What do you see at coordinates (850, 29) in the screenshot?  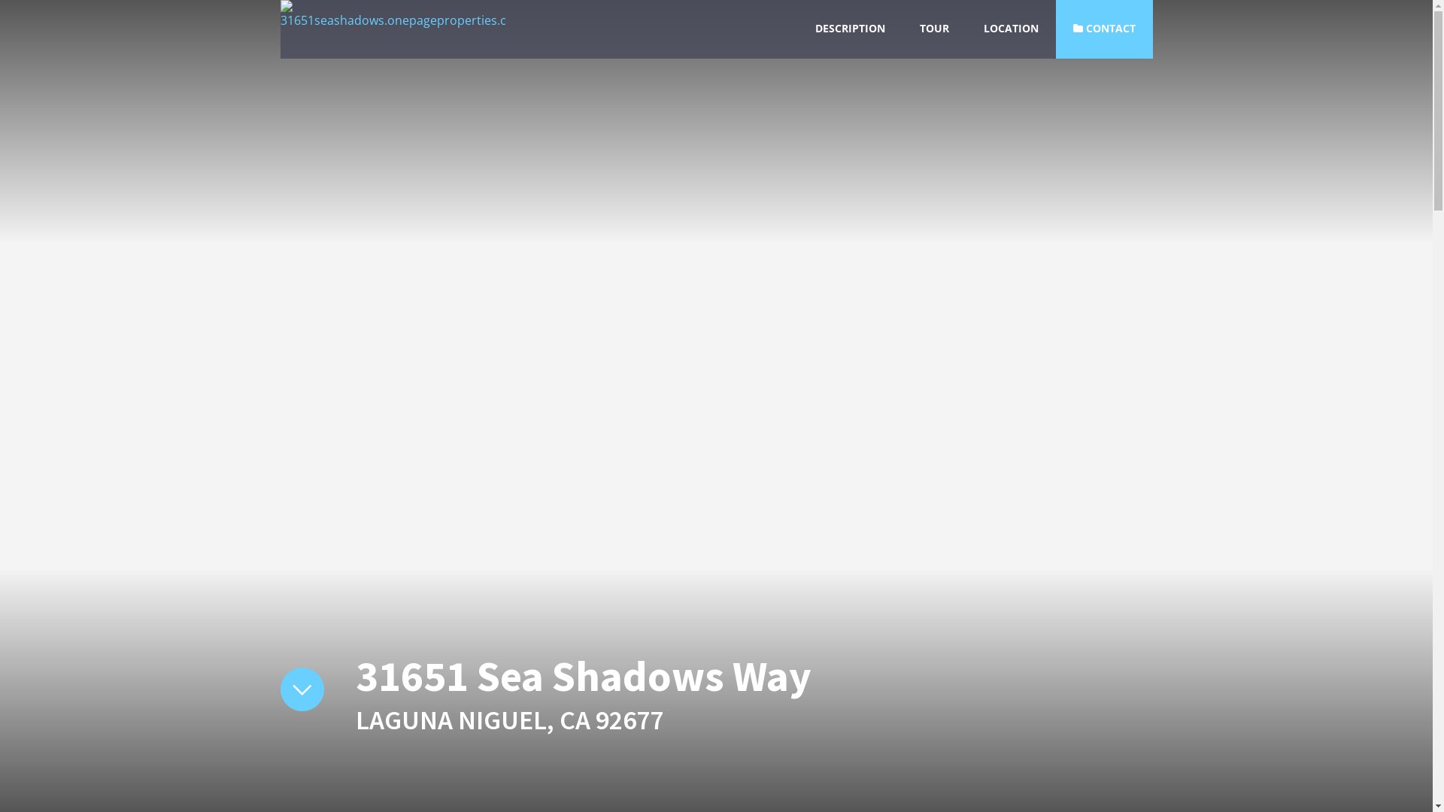 I see `'DESCRIPTION'` at bounding box center [850, 29].